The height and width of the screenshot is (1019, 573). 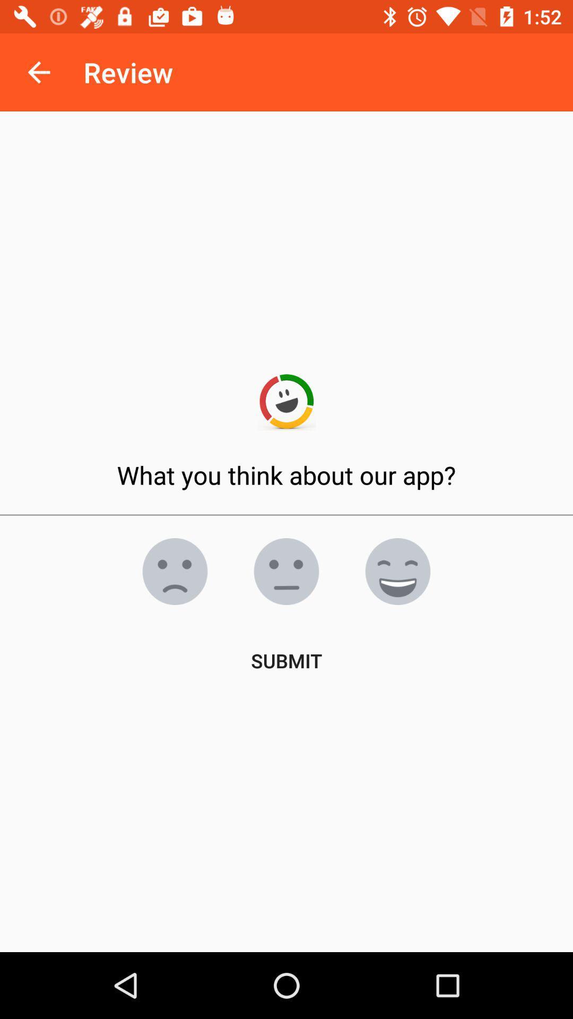 What do you see at coordinates (286, 571) in the screenshot?
I see `negative emoji` at bounding box center [286, 571].